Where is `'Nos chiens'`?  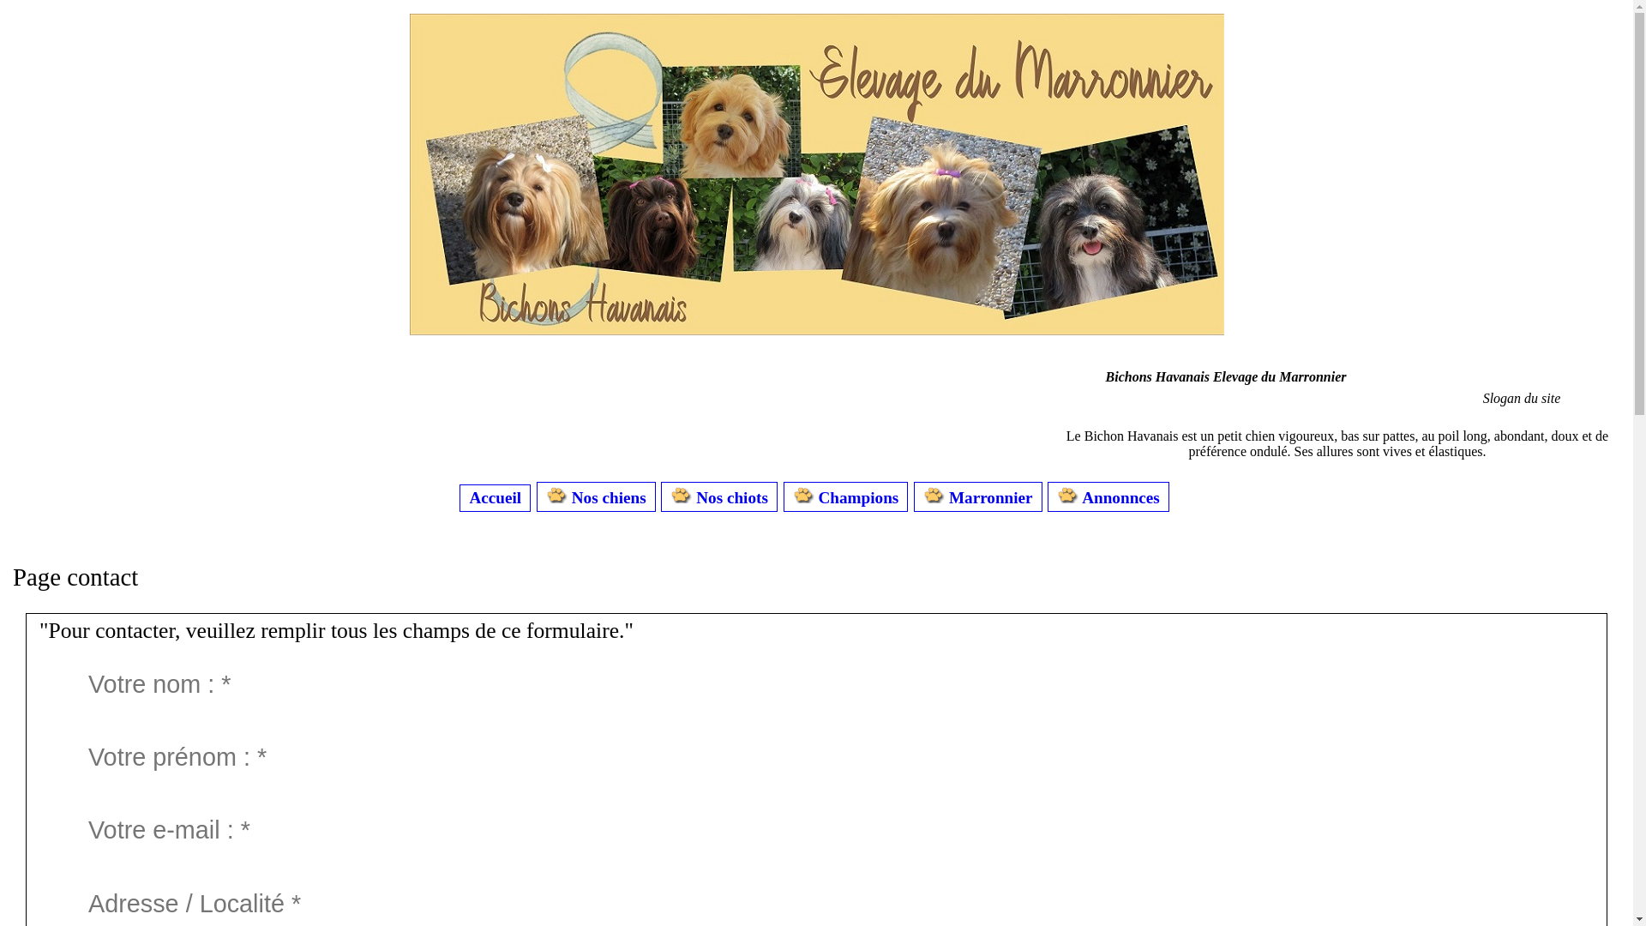
'Nos chiens' is located at coordinates (596, 496).